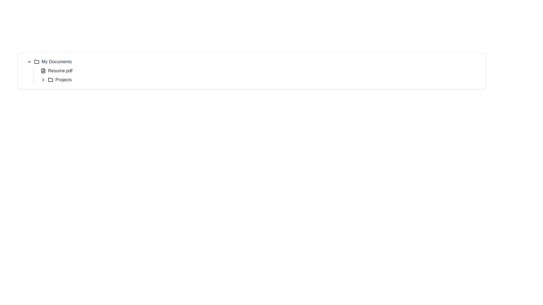  Describe the element at coordinates (50, 80) in the screenshot. I see `the folder icon that is the second icon in the list next to the text labeled 'Projects'` at that location.